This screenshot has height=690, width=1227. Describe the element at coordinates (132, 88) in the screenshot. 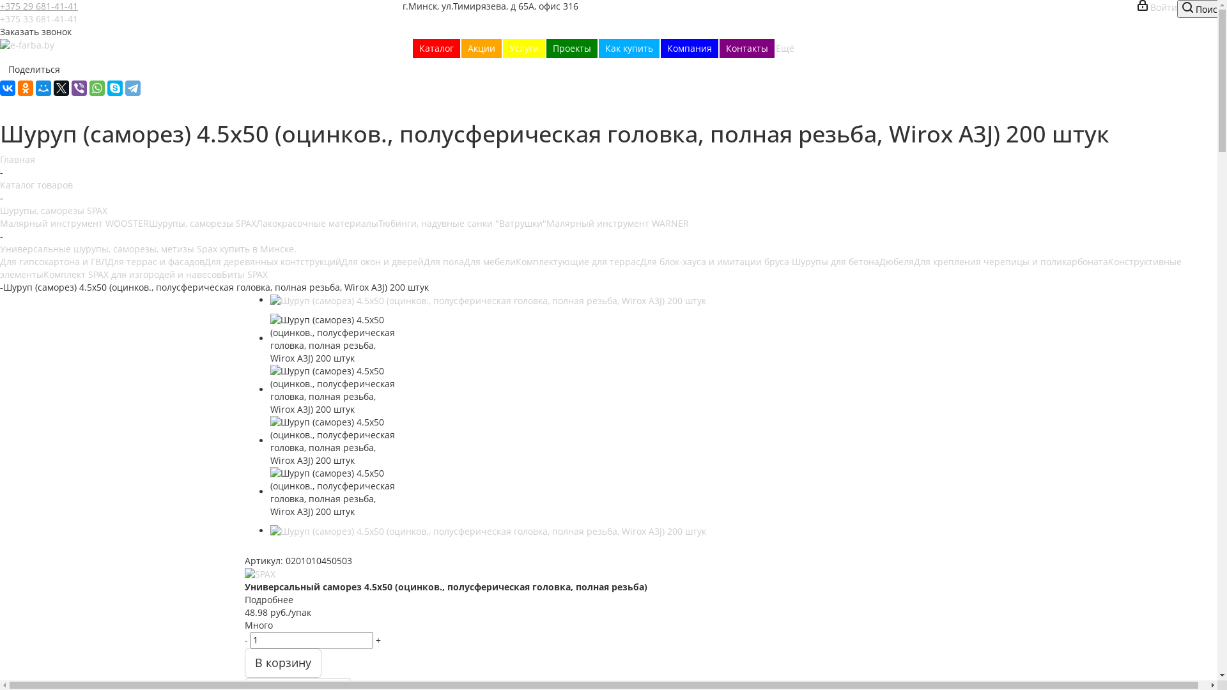

I see `'Telegram'` at that location.